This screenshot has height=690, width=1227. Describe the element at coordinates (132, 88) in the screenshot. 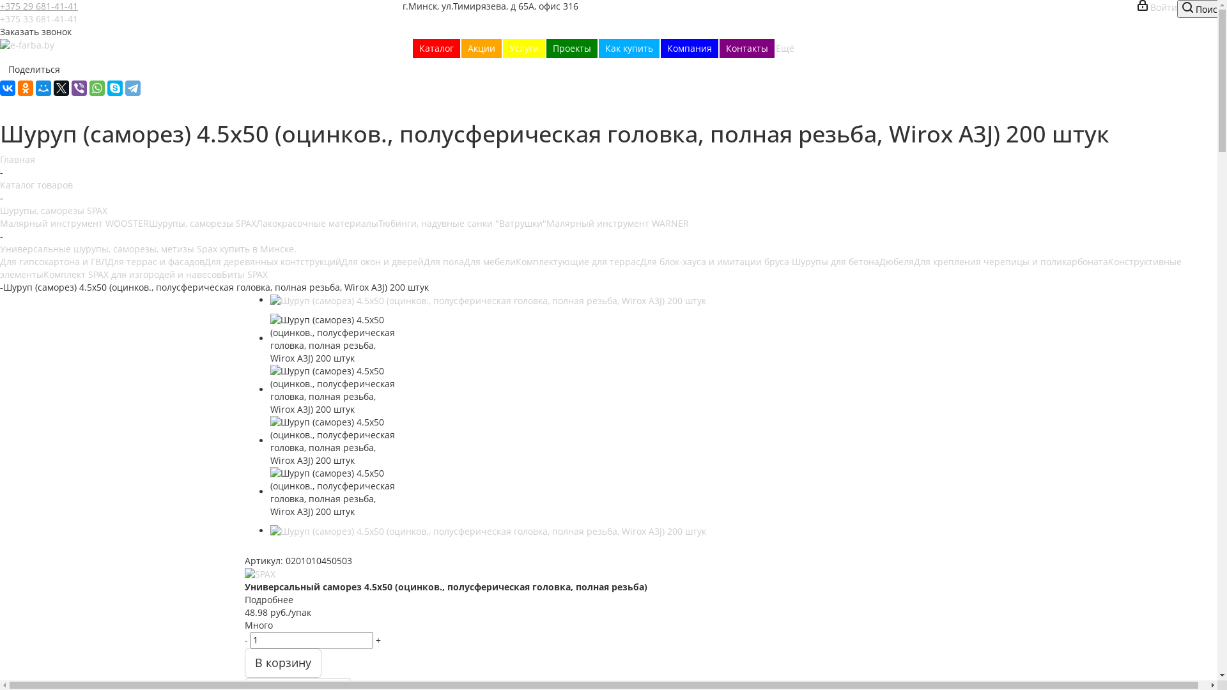

I see `'Telegram'` at that location.